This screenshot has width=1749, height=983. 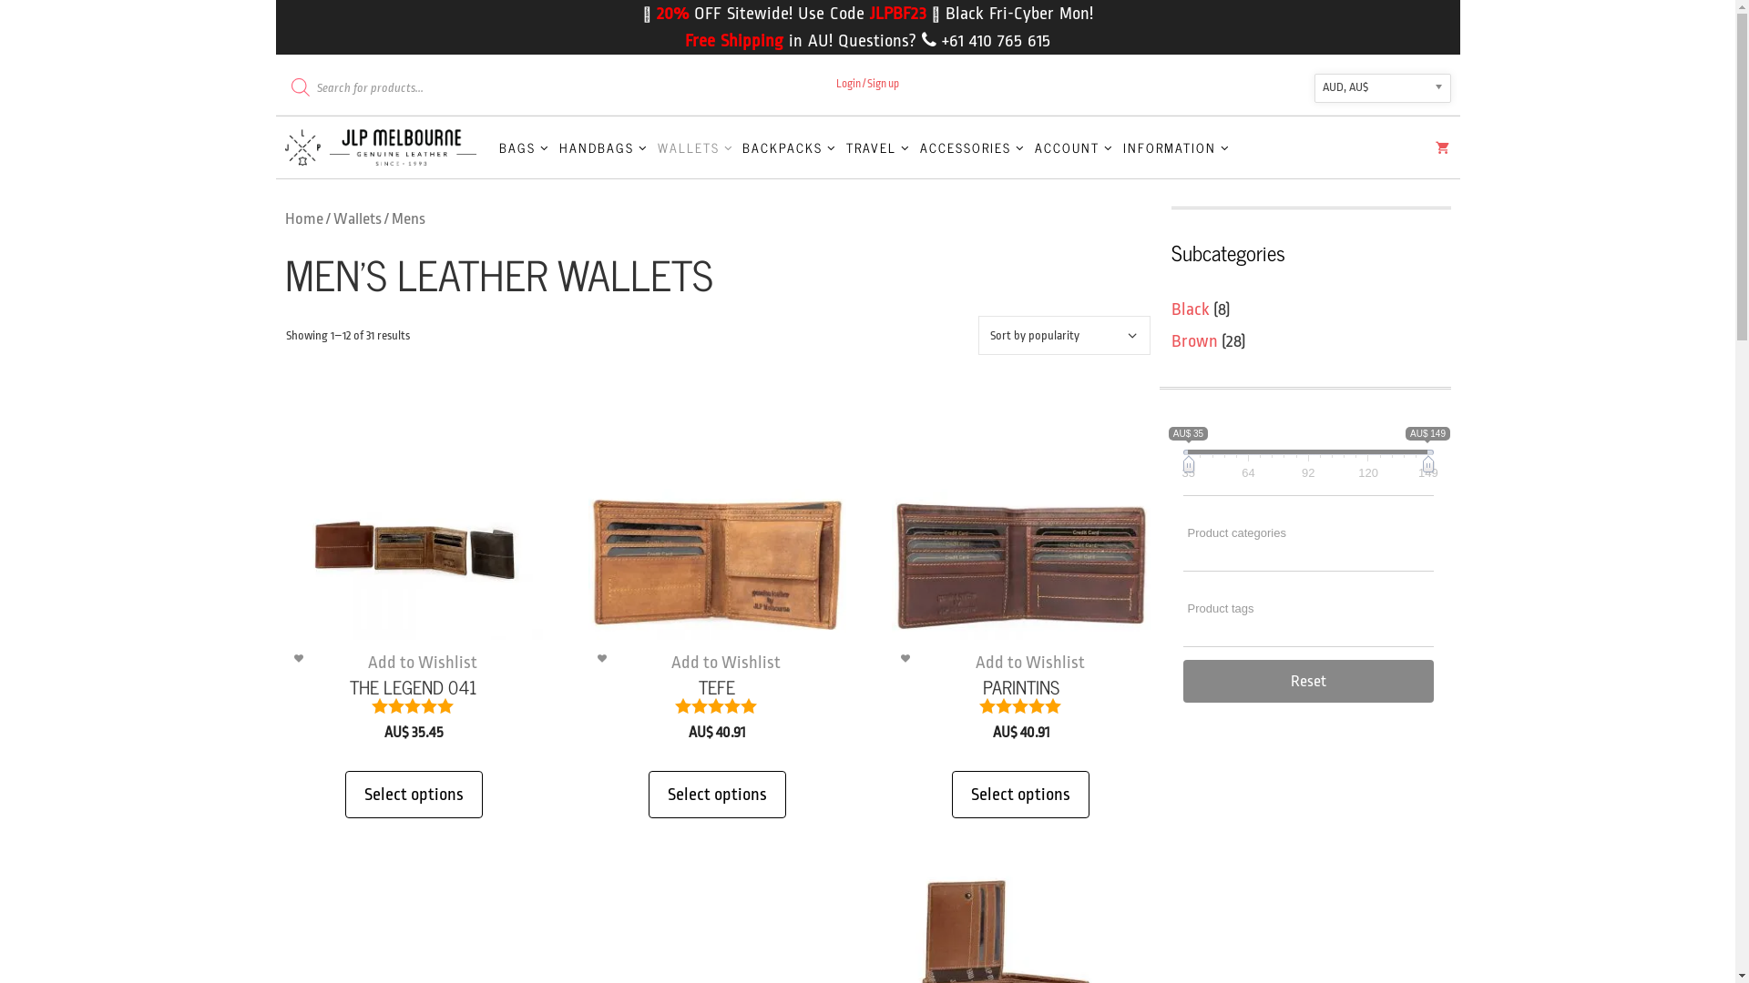 I want to click on 'JLP Melbourne', so click(x=283, y=147).